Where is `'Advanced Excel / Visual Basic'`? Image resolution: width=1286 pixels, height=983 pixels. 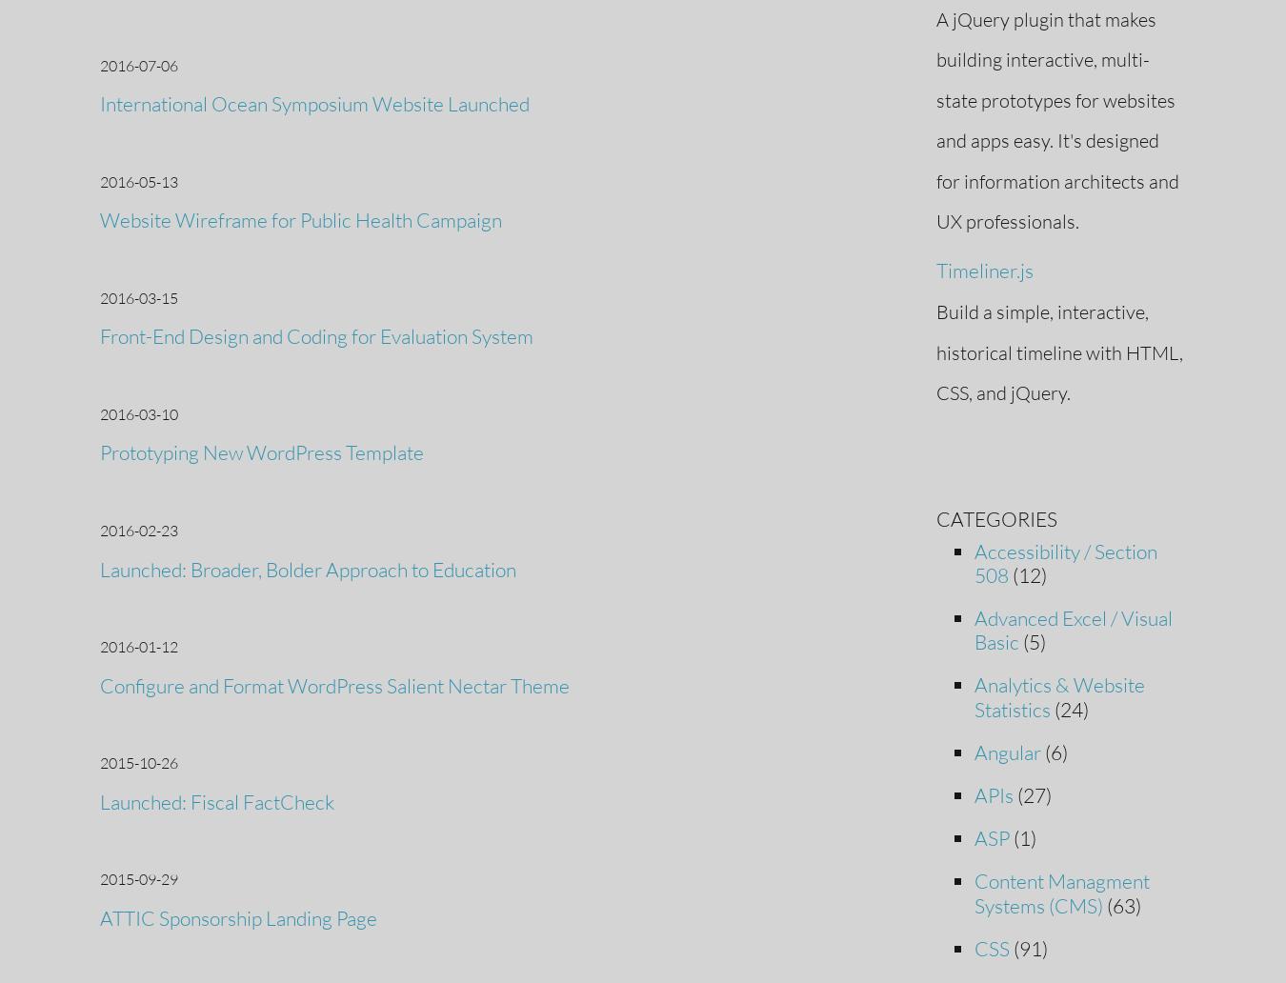
'Advanced Excel / Visual Basic' is located at coordinates (1072, 629).